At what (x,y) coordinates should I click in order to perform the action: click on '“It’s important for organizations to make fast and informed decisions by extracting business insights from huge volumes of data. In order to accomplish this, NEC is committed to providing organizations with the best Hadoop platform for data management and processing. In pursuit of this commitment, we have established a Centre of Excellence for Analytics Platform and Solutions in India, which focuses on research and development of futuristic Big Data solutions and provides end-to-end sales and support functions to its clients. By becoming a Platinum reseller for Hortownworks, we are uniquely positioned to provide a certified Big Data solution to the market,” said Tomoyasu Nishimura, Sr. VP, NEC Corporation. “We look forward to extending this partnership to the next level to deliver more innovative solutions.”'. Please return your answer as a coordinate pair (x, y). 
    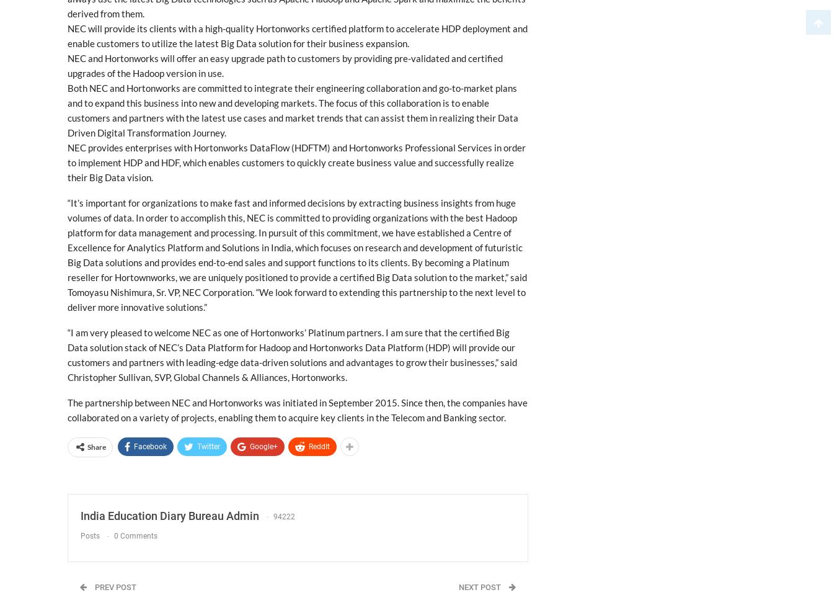
    Looking at the image, I should click on (296, 254).